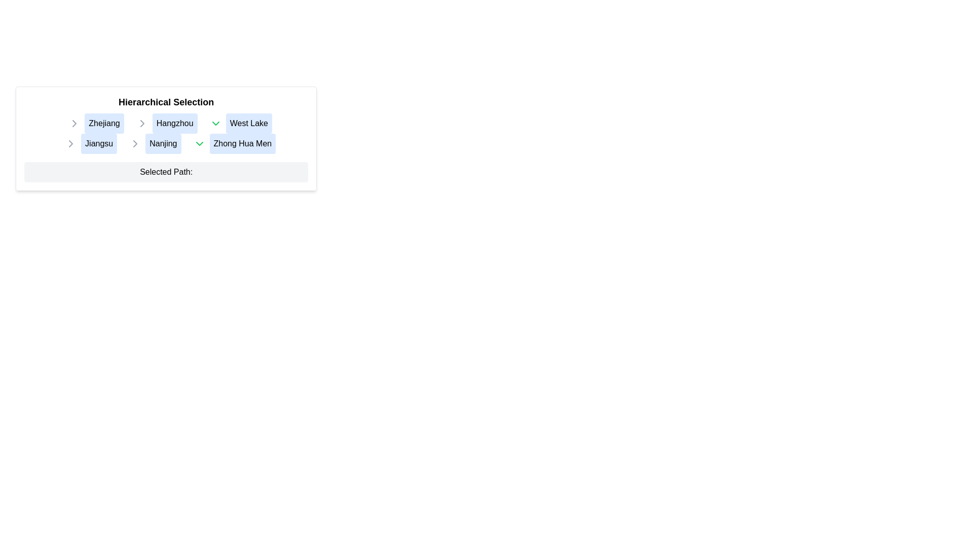 This screenshot has height=547, width=973. What do you see at coordinates (230, 144) in the screenshot?
I see `the selectable option 'Zhong Hua Men' located under the hierarchical selection menu 'Jiangsu > Nanjing', which is the third option in the list` at bounding box center [230, 144].